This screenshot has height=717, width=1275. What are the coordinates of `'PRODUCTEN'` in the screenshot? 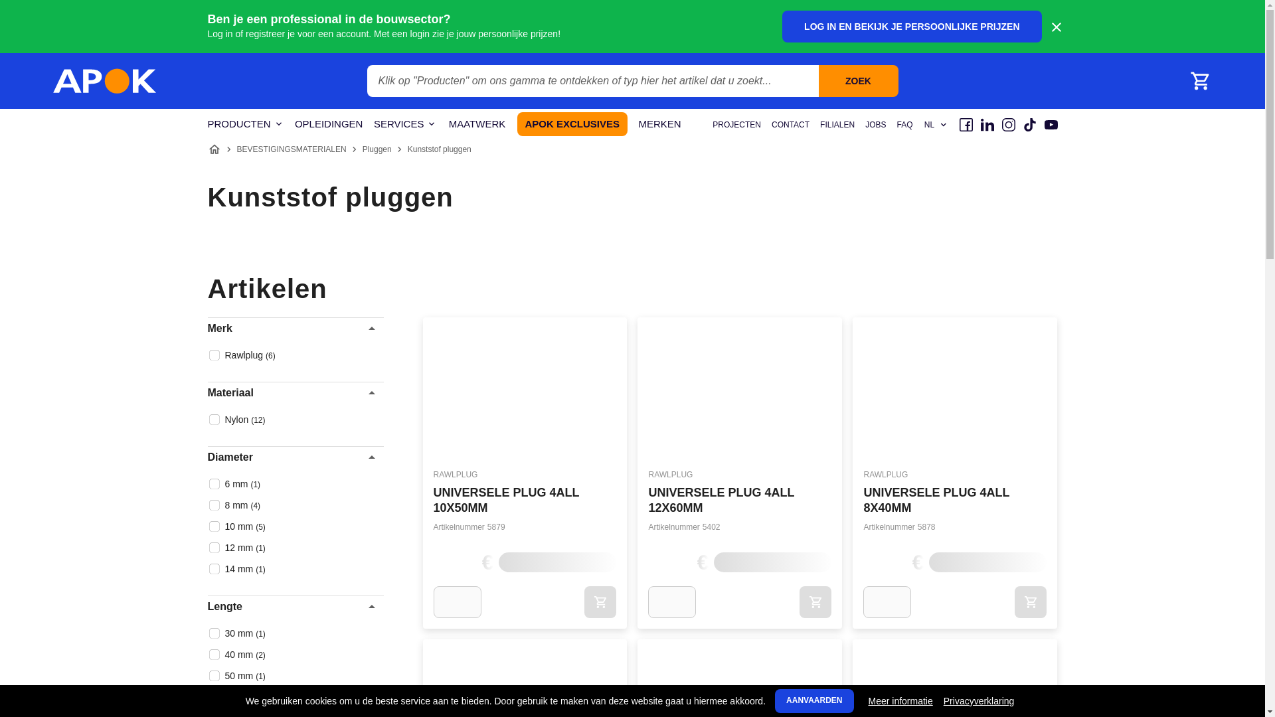 It's located at (245, 124).